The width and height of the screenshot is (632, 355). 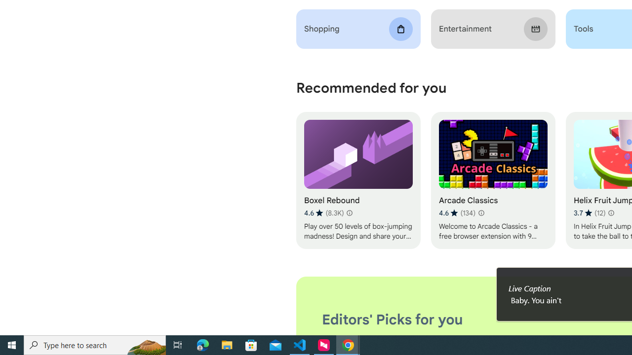 What do you see at coordinates (493, 29) in the screenshot?
I see `'Entertainment'` at bounding box center [493, 29].